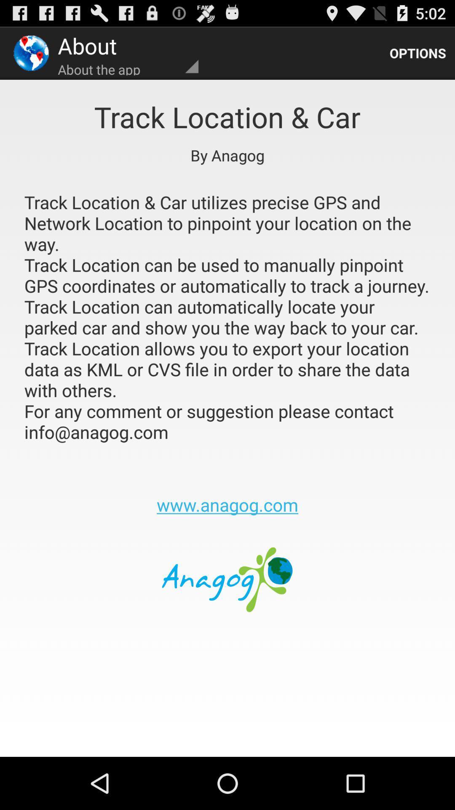 The image size is (455, 810). I want to click on the item at the top right corner, so click(418, 52).